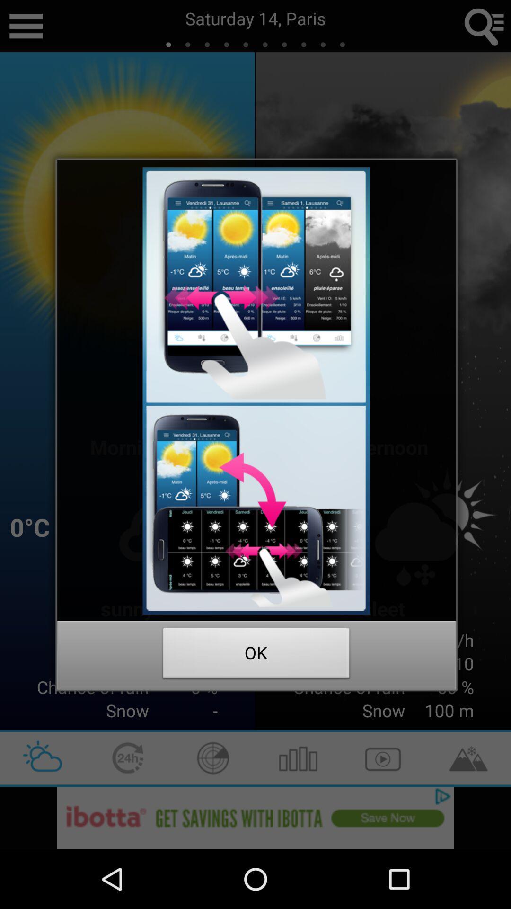 The width and height of the screenshot is (511, 909). Describe the element at coordinates (256, 655) in the screenshot. I see `icon at the bottom` at that location.